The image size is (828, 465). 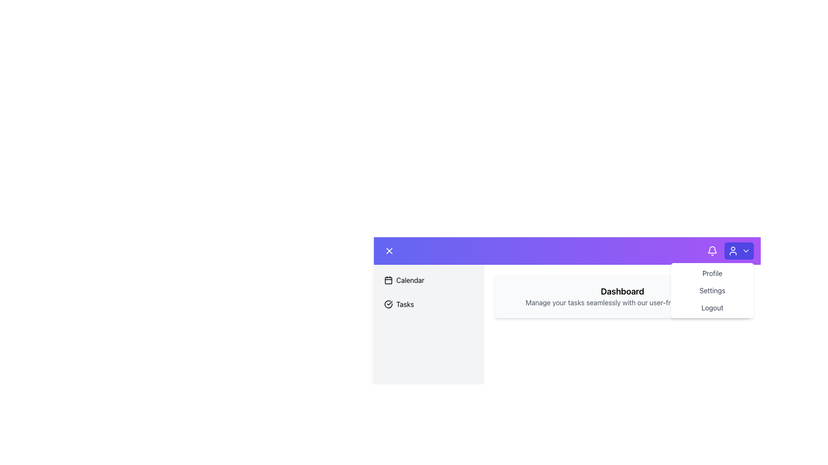 What do you see at coordinates (389, 251) in the screenshot?
I see `the close or dismiss button located in the top-left corner of the purple header bar, which is the first interactive icon in the sequence` at bounding box center [389, 251].